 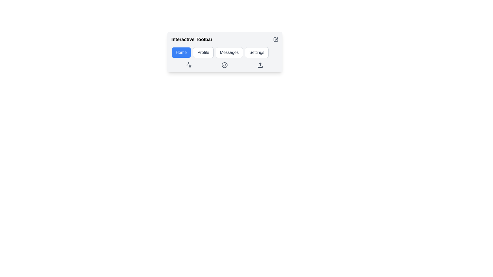 What do you see at coordinates (225, 52) in the screenshot?
I see `the 'Messages' button in the navigation toolbar` at bounding box center [225, 52].